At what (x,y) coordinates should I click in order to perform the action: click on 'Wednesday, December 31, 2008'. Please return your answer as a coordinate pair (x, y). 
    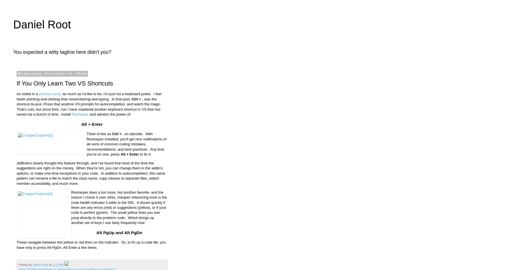
    Looking at the image, I should click on (52, 73).